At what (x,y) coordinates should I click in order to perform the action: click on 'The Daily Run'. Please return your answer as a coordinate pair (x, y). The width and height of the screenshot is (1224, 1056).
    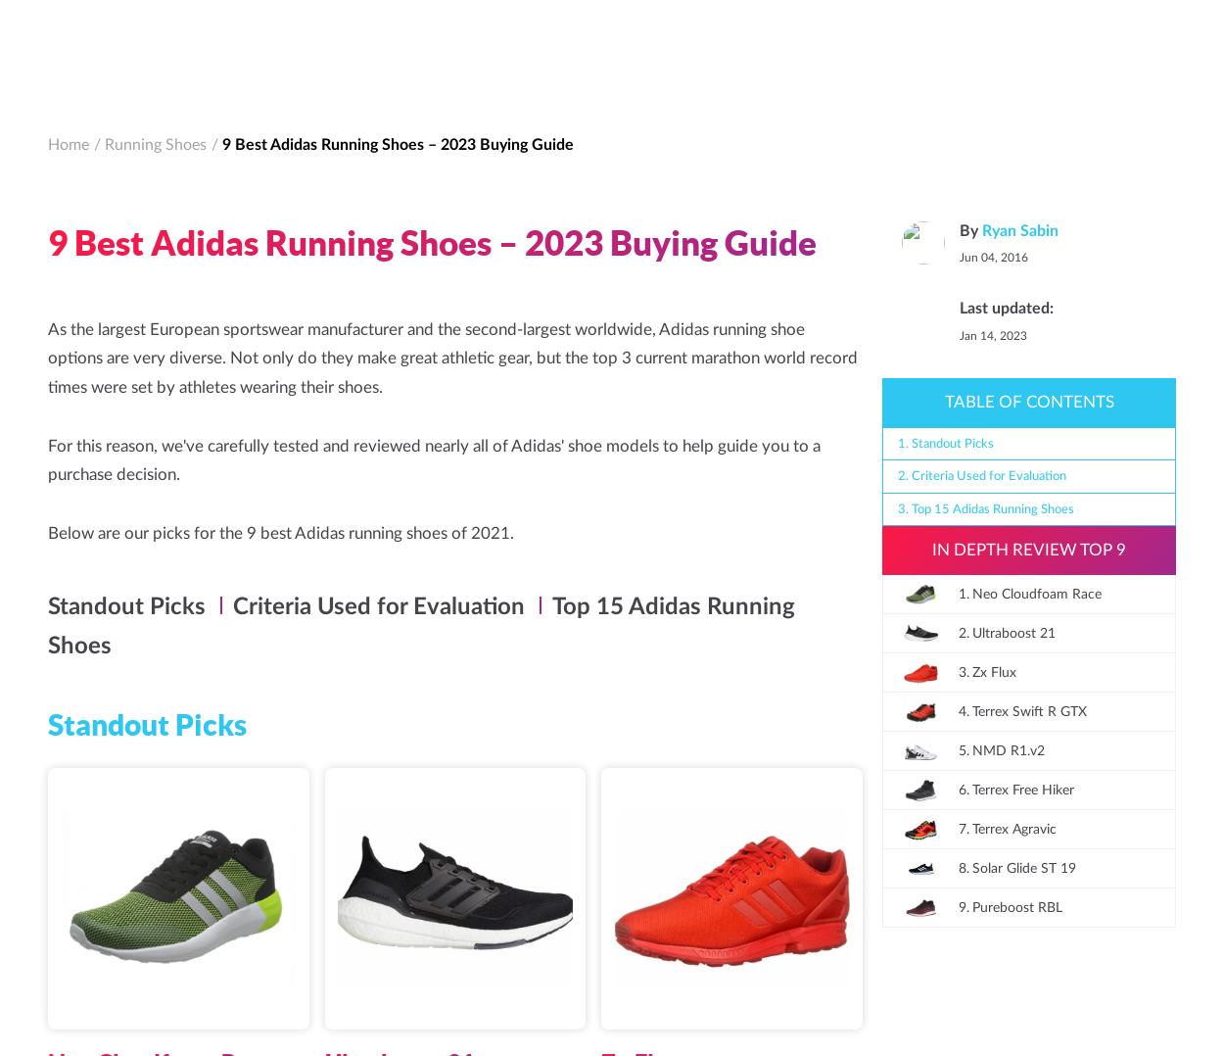
    Looking at the image, I should click on (126, 26).